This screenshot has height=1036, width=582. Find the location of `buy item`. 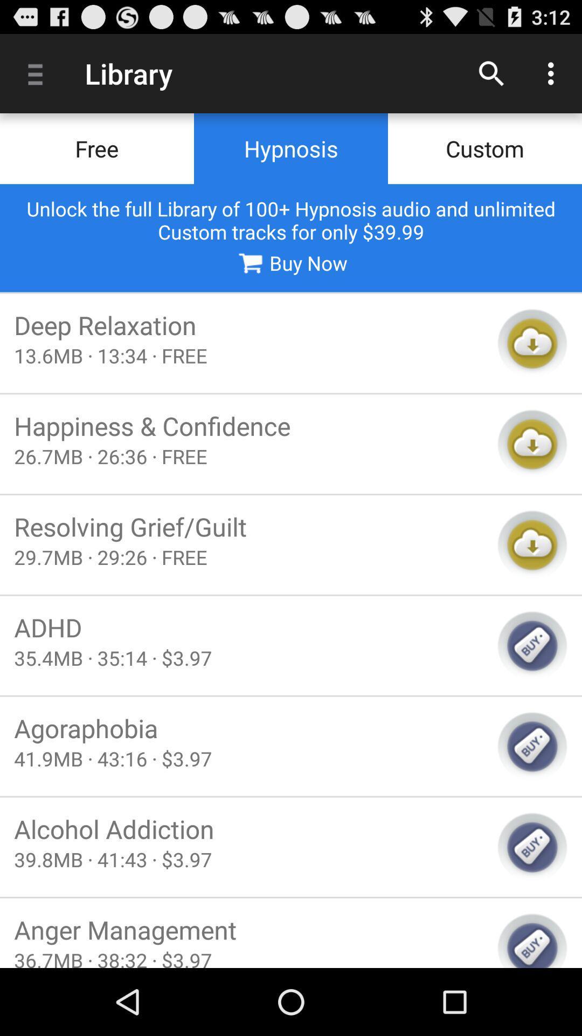

buy item is located at coordinates (532, 939).